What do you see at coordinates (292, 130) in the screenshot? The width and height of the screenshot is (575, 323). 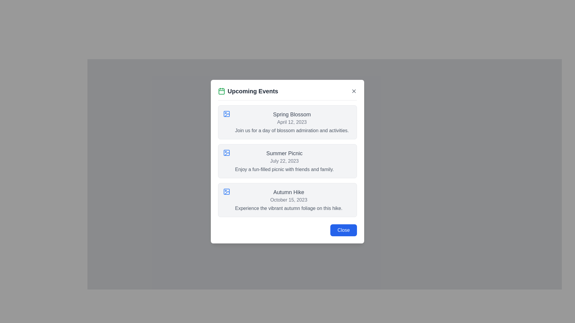 I see `text content of the description line 'Join us for a day of blossom admiration and activities.' located under the event title and date in the first event card titled 'Spring Blossom'` at bounding box center [292, 130].